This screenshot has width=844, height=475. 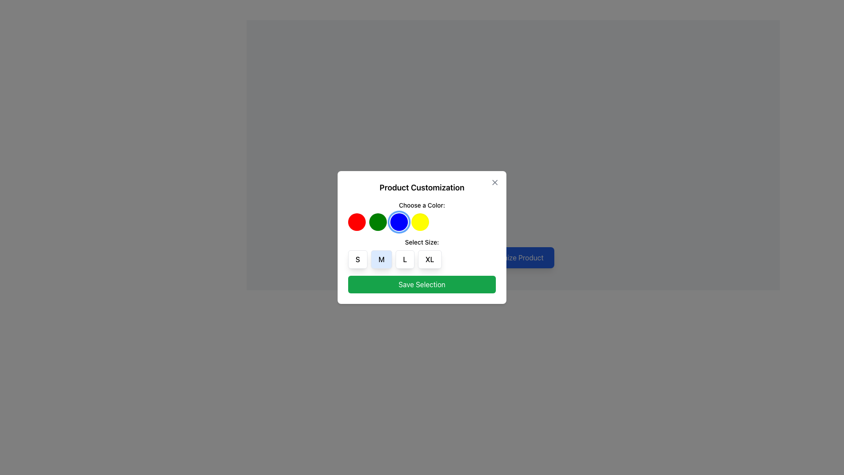 I want to click on the small, square-shaped button with an 'X' icon located in the top-right corner of the white dialog interface to observe the color change to red, so click(x=495, y=182).